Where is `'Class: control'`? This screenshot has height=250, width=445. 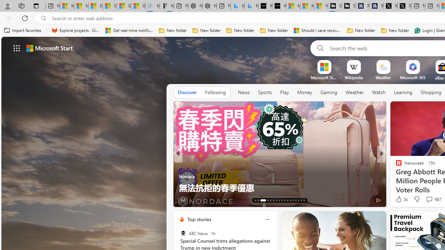 'Class: control' is located at coordinates (17, 48).